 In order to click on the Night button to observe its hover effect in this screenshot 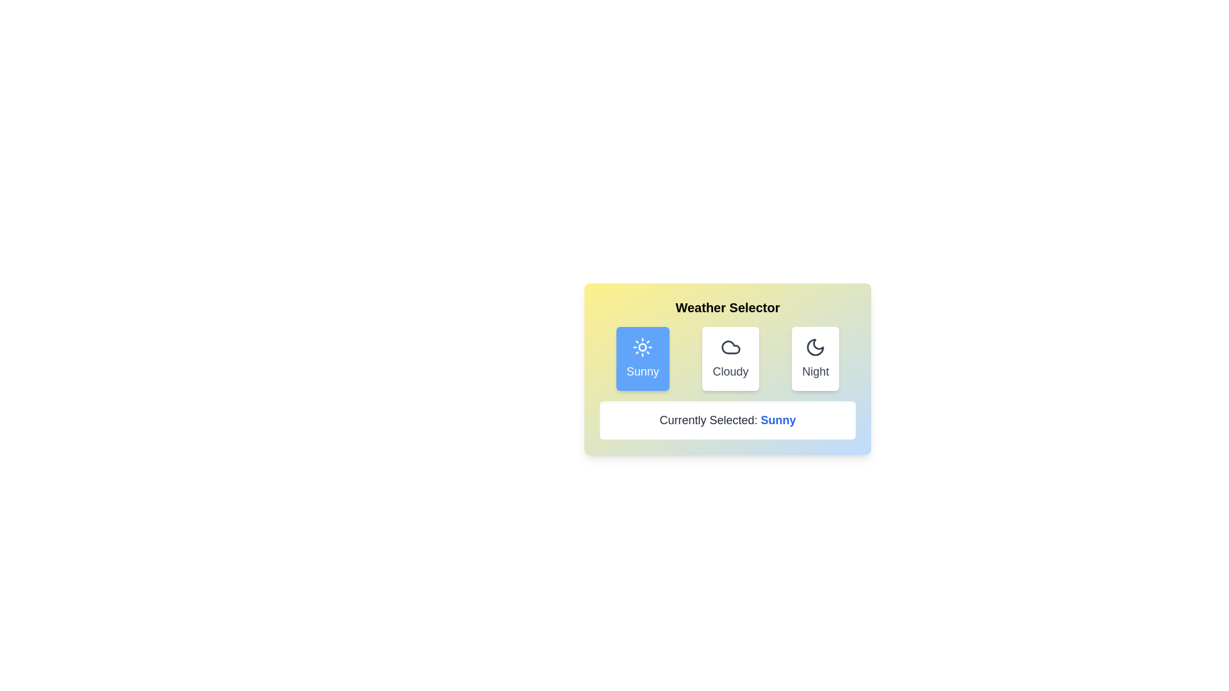, I will do `click(815, 358)`.